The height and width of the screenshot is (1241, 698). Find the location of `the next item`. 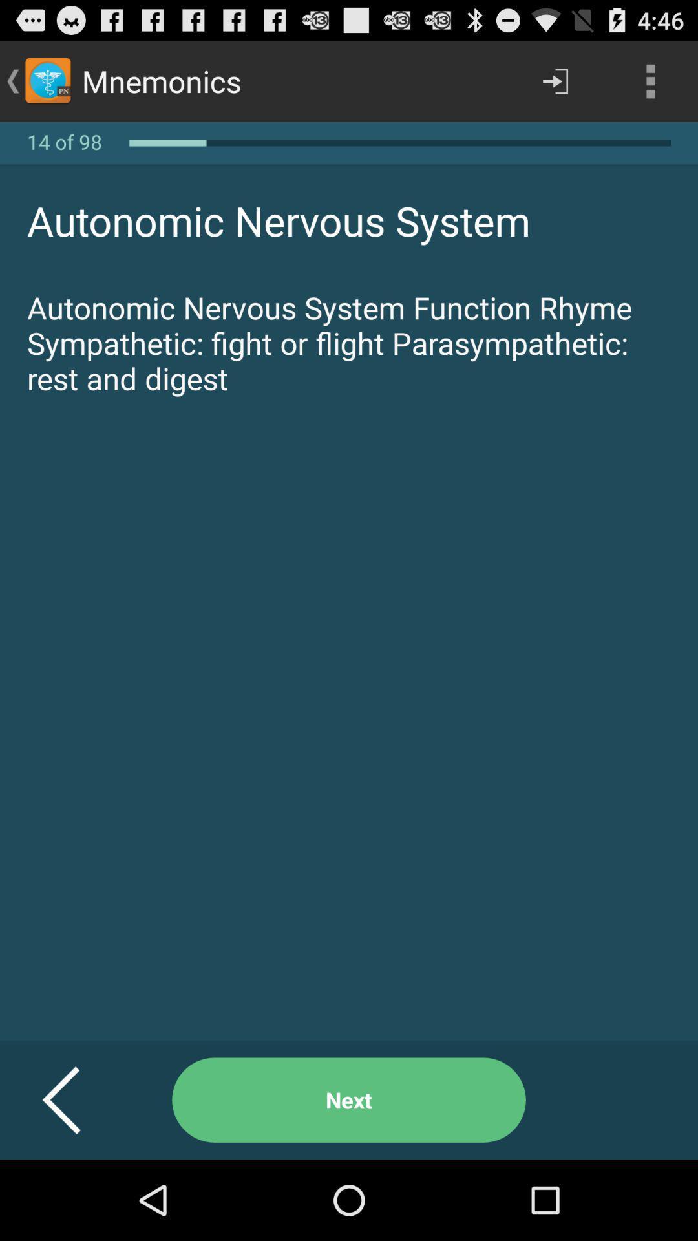

the next item is located at coordinates (349, 1099).